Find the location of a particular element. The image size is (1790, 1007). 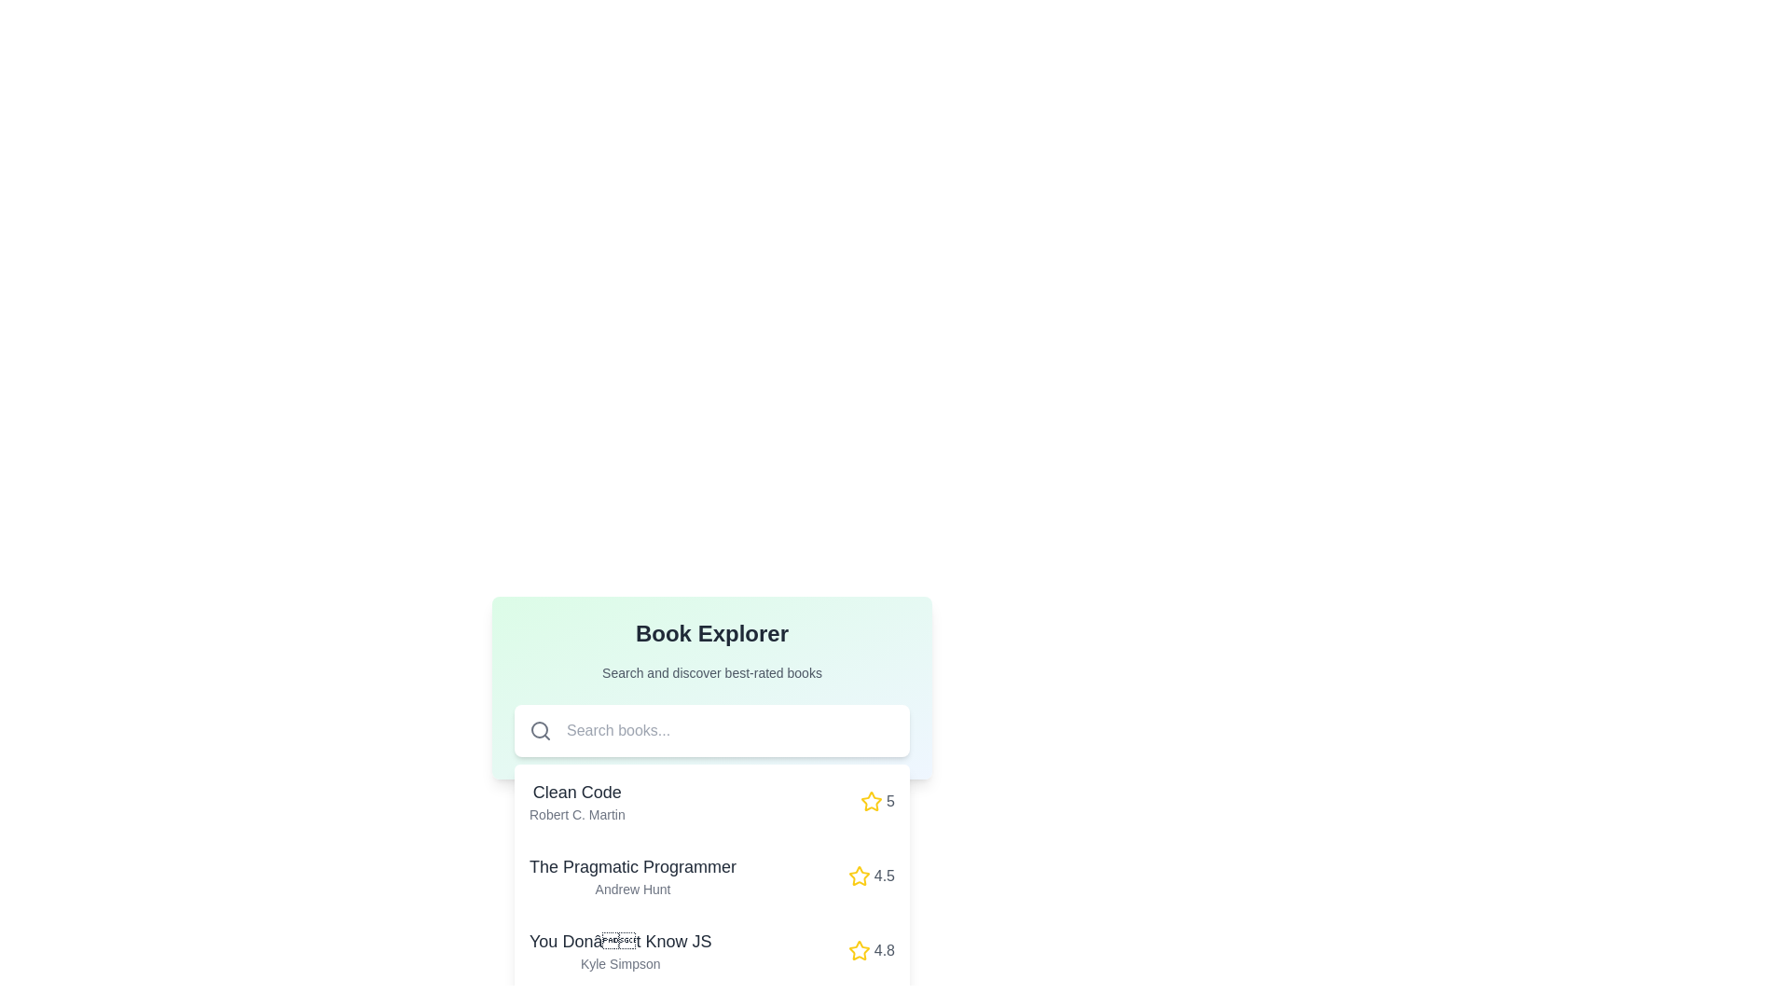

the yellow star graphic element representing the rating for the book 'Clean Code', which is positioned between the book title and the numerical rating value '5' is located at coordinates (871, 801).